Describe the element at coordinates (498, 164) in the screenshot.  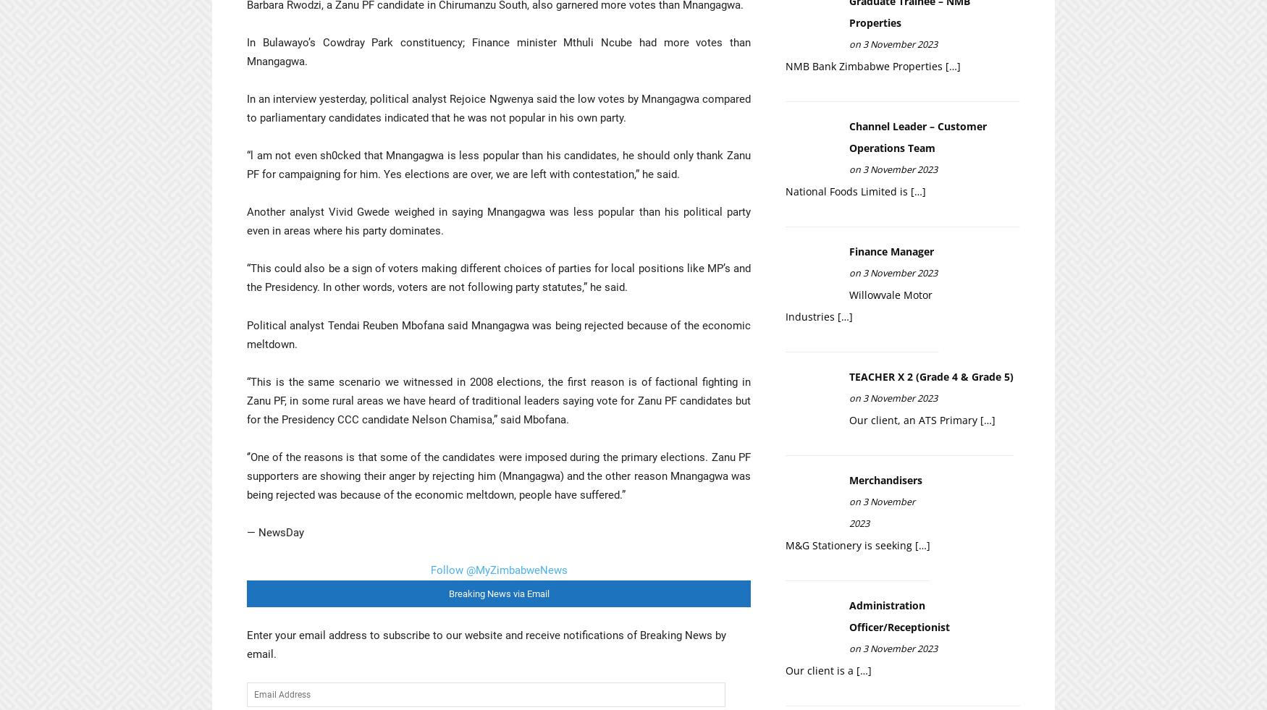
I see `'“l am not even sh0cked that Mnangagwa is less popular than his candidates, he should only thank Zanu PF for campaigning for him. Yes elections are over, we are left with contestation,” he said.'` at that location.